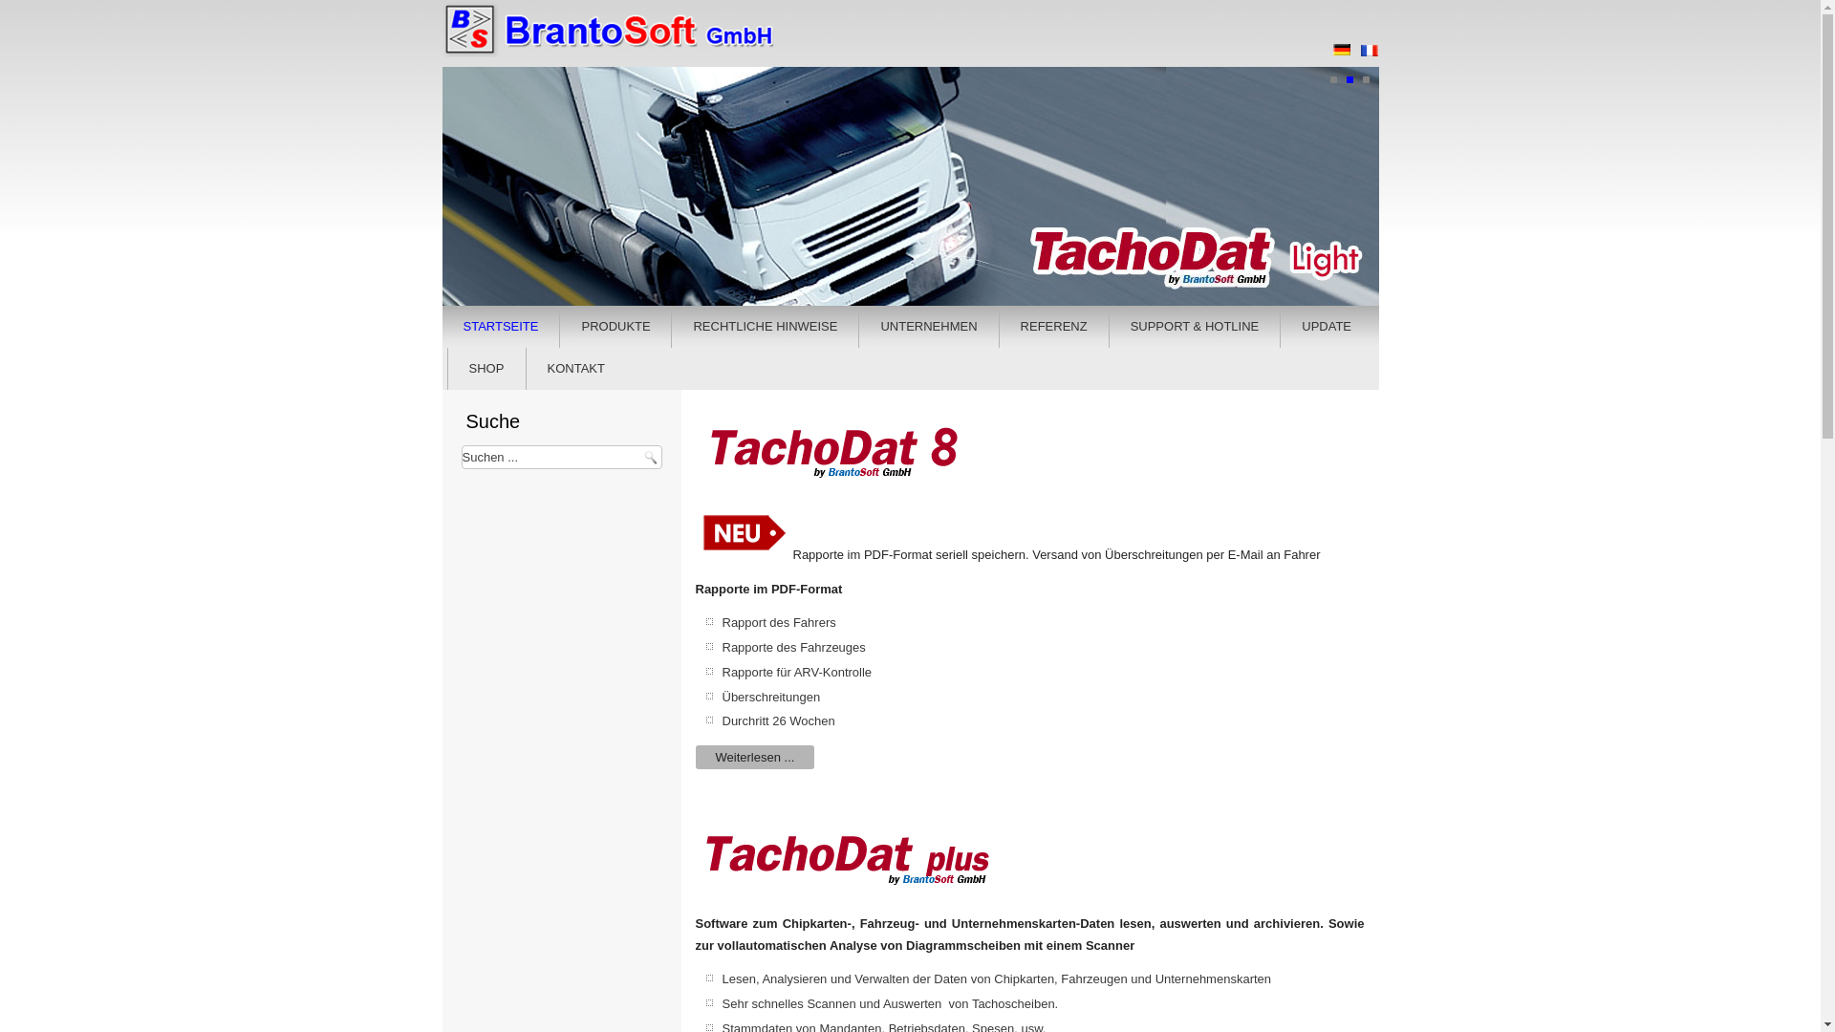 This screenshot has width=1835, height=1032. What do you see at coordinates (486, 368) in the screenshot?
I see `'SHOP'` at bounding box center [486, 368].